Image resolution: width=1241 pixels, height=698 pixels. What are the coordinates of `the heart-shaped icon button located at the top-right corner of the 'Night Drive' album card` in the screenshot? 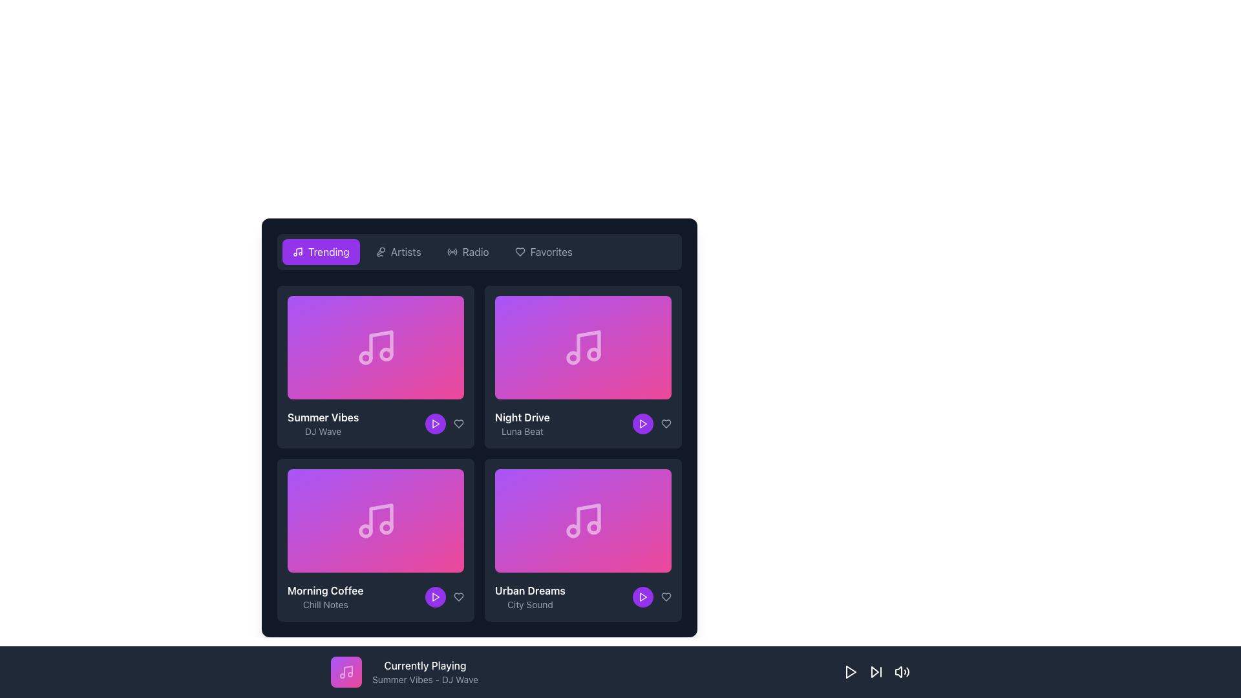 It's located at (459, 423).